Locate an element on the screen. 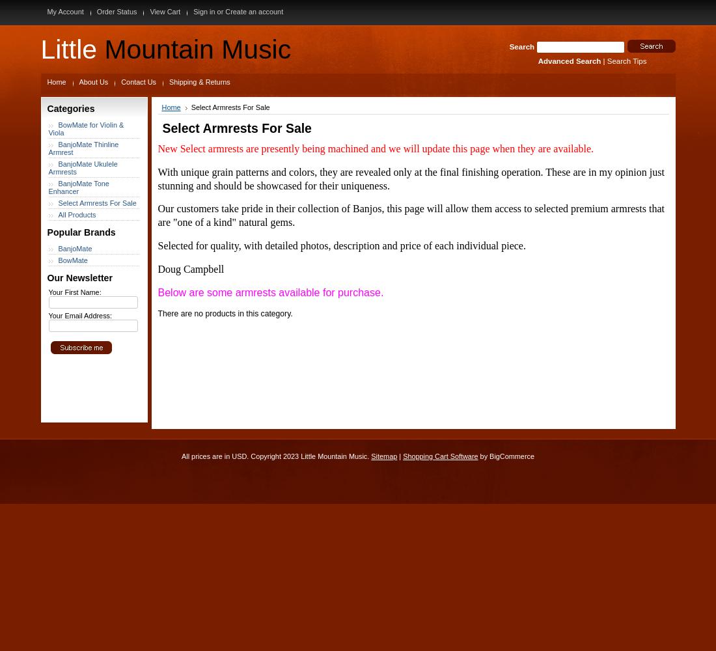 Image resolution: width=716 pixels, height=651 pixels. 'Mountain Music' is located at coordinates (193, 49).